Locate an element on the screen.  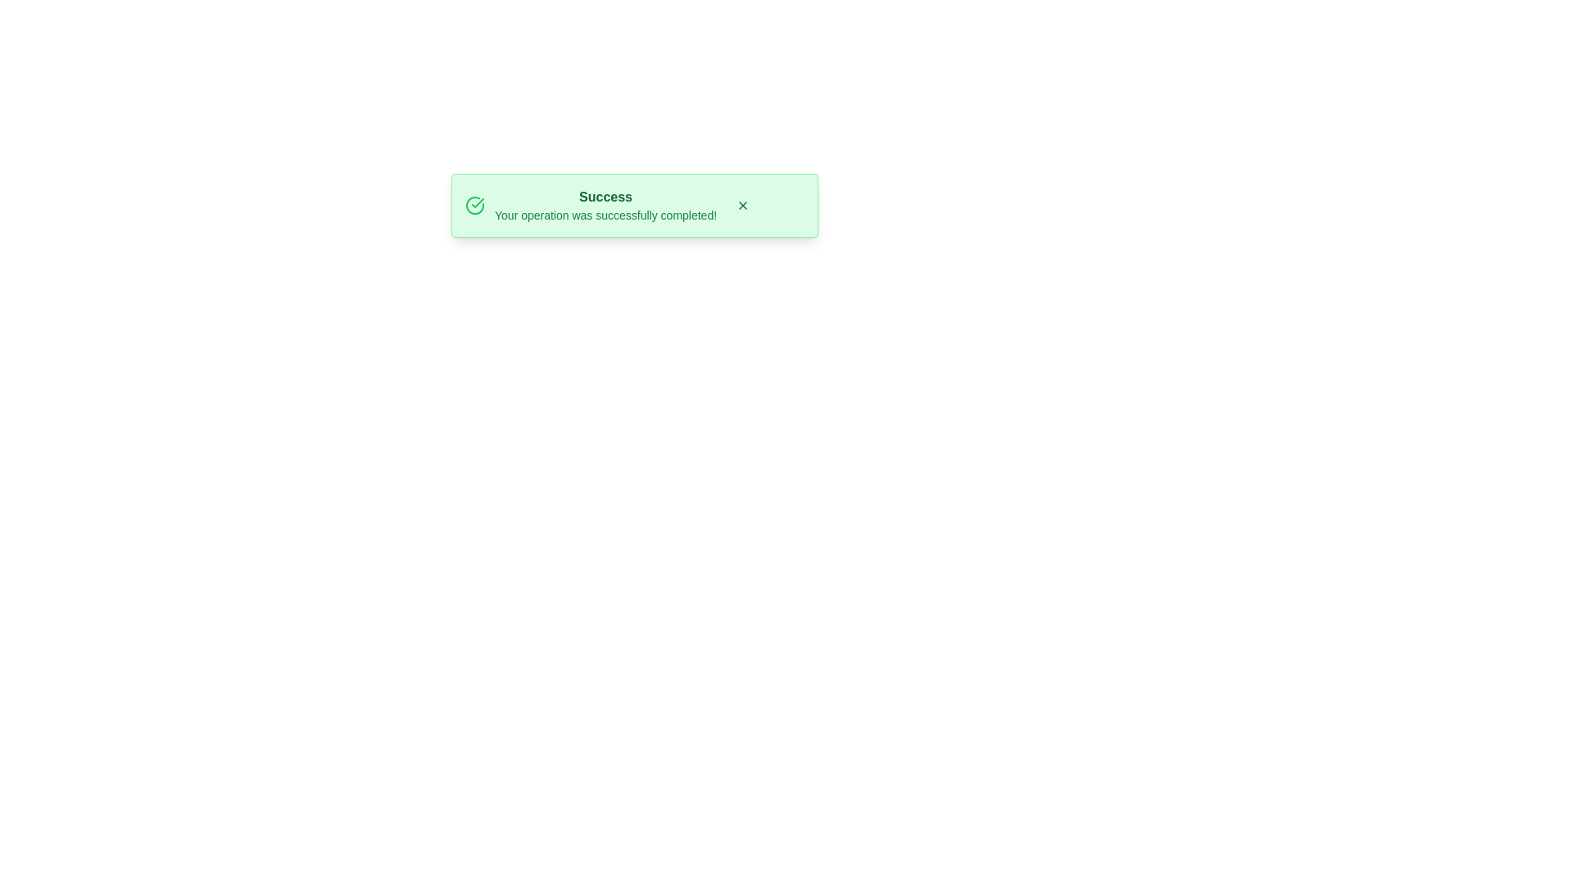
the text 'Success' in the snackbar is located at coordinates (605, 196).